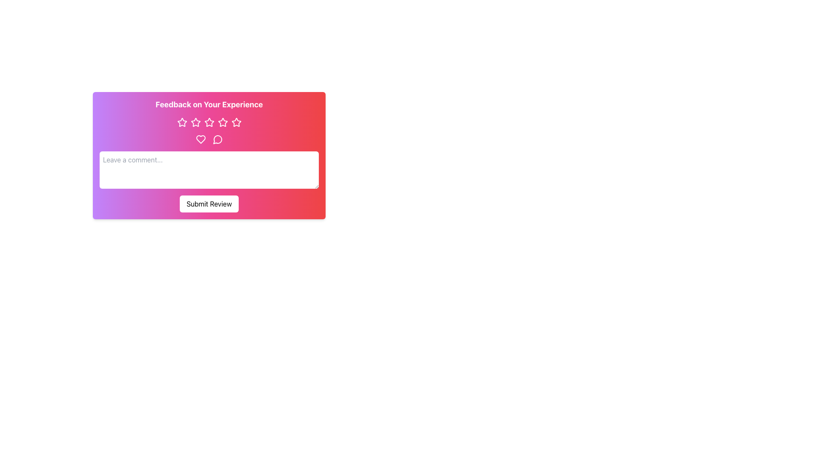 The image size is (814, 458). I want to click on the heart icon located in the center of the feedback panel to express a 'like' or appreciation for the feedback experience, so click(200, 139).